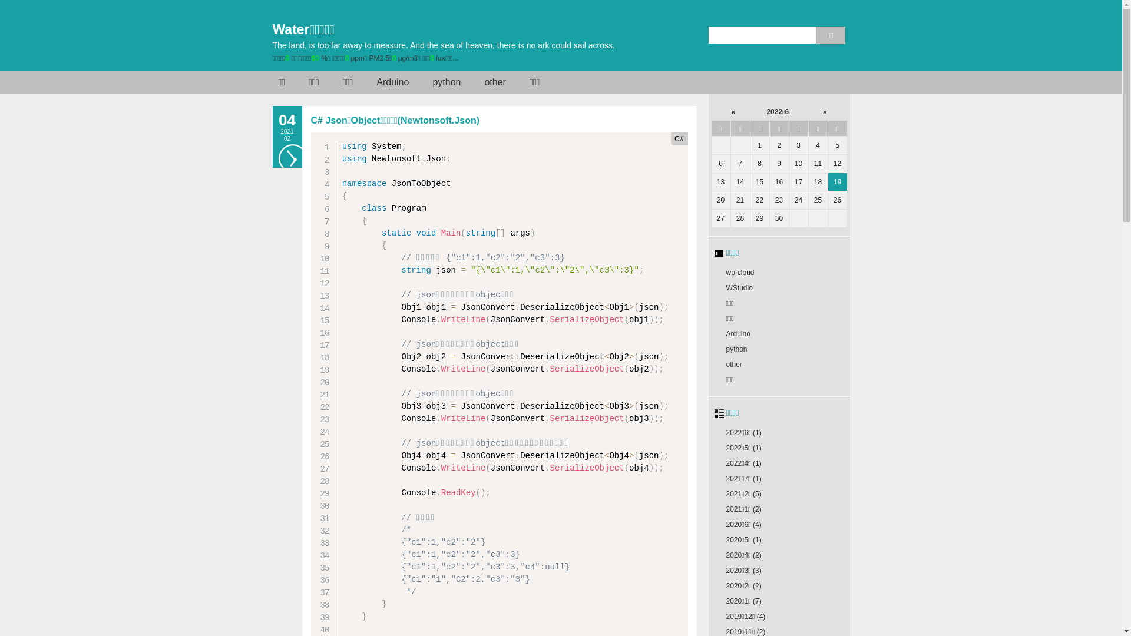 The image size is (1131, 636). What do you see at coordinates (836, 181) in the screenshot?
I see `'19'` at bounding box center [836, 181].